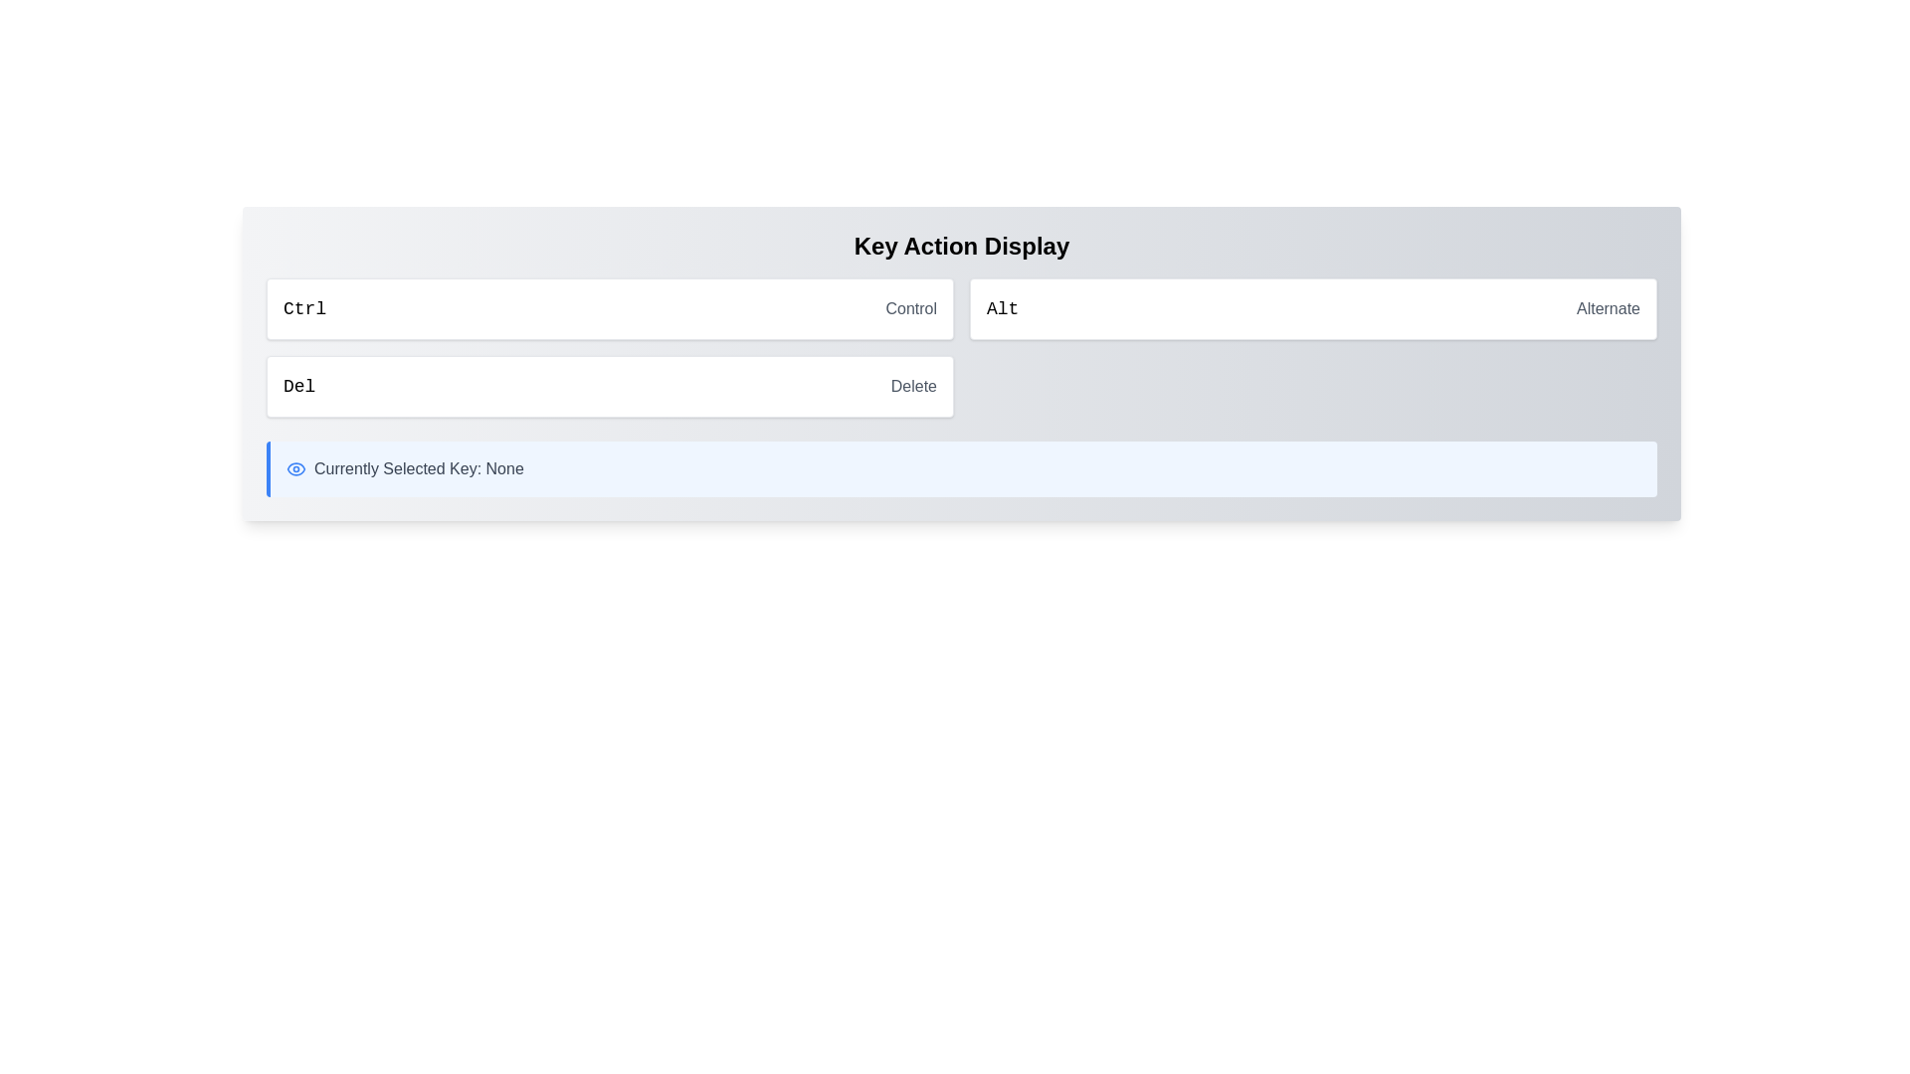 The height and width of the screenshot is (1074, 1910). What do you see at coordinates (910, 309) in the screenshot?
I see `the descriptive label that provides context for the 'Ctrl' action, positioned to the right of 'Ctrl' in the upper-central region of the interface` at bounding box center [910, 309].